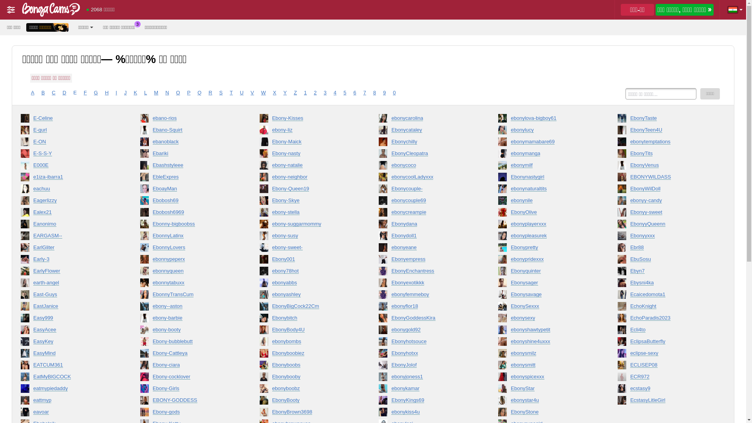  Describe the element at coordinates (295, 92) in the screenshot. I see `'Z'` at that location.